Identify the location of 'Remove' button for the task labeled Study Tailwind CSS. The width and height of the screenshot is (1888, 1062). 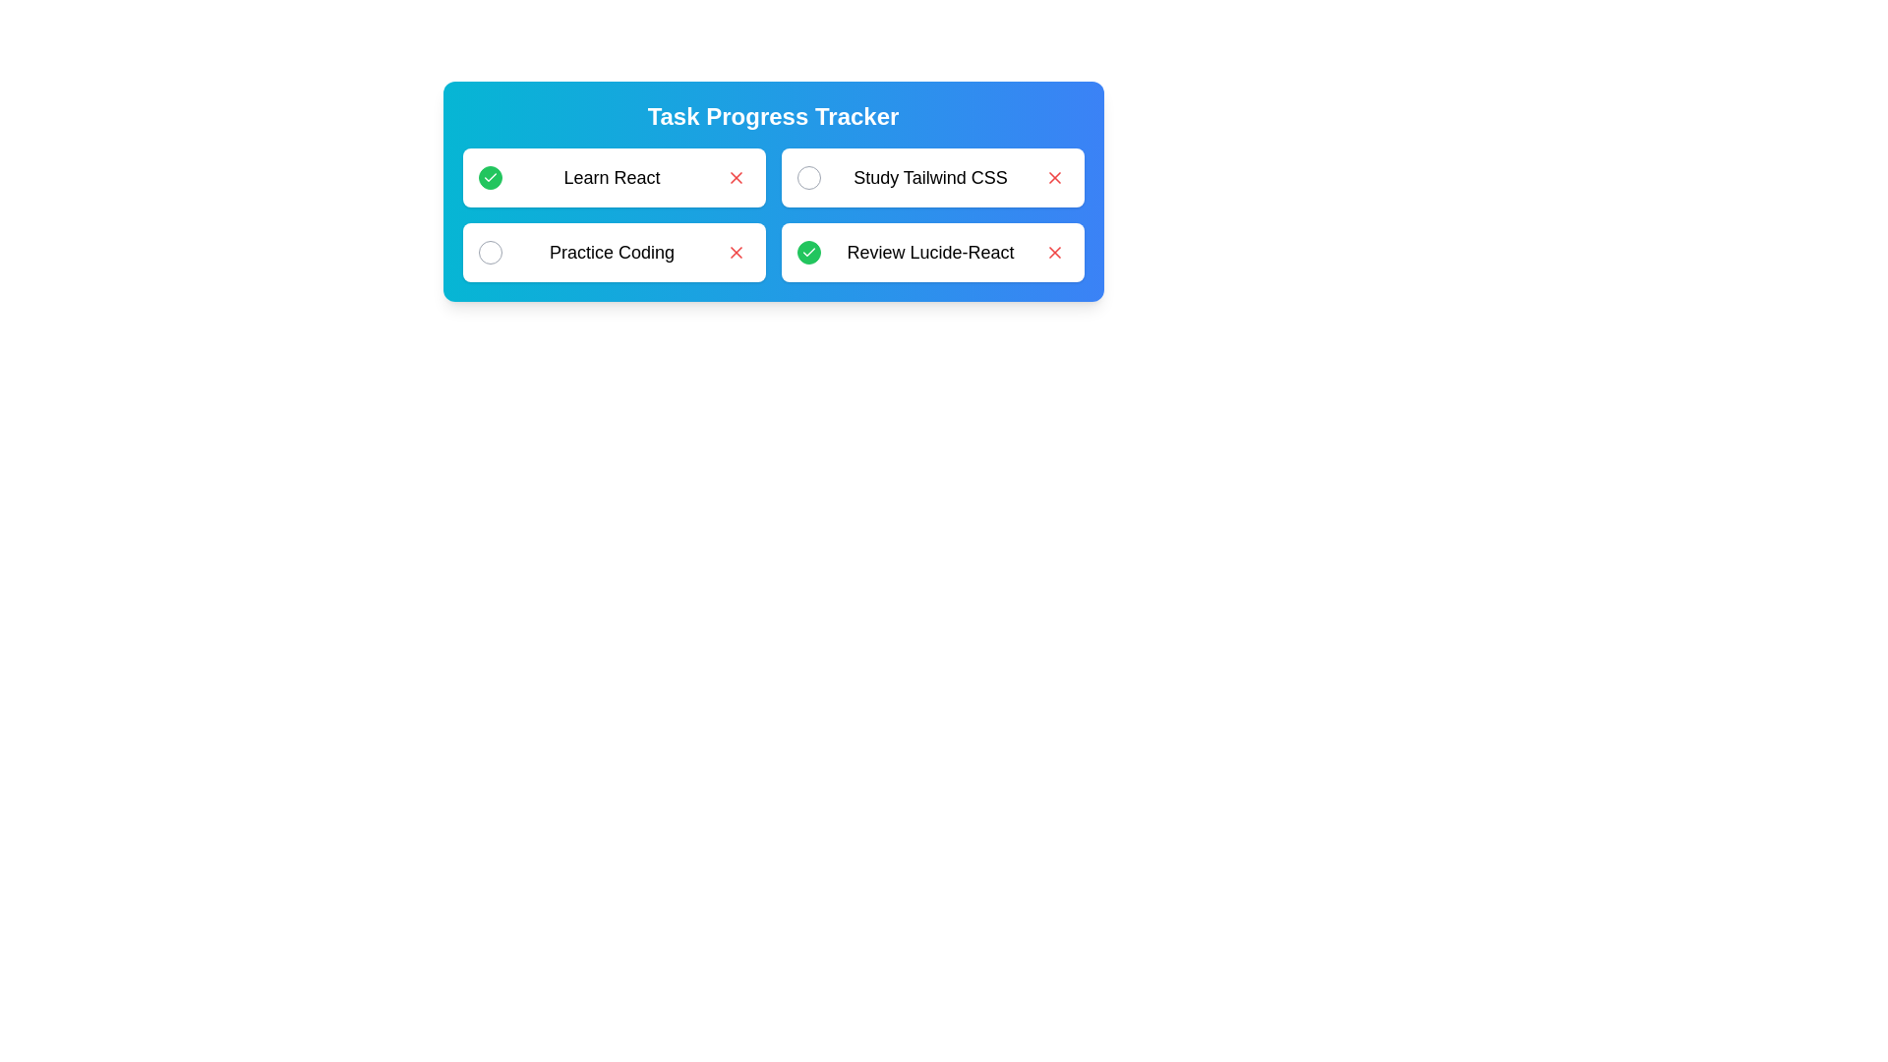
(1053, 178).